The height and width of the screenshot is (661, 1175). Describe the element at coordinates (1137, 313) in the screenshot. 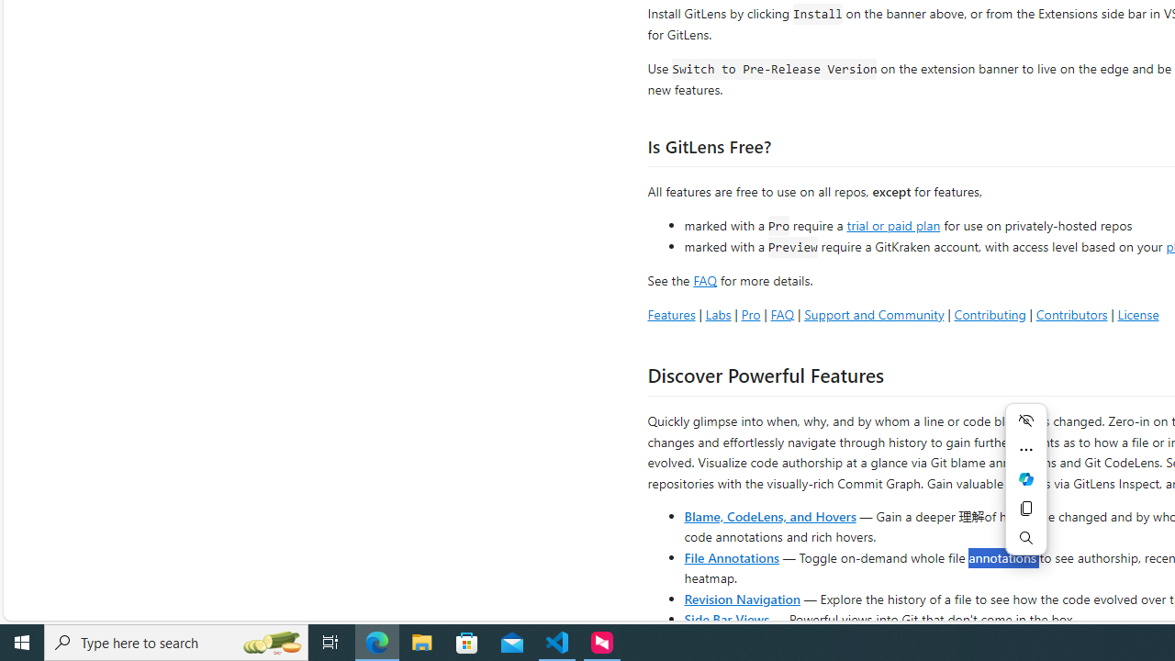

I see `'License'` at that location.